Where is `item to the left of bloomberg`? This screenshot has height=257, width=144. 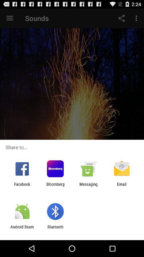 item to the left of bloomberg is located at coordinates (22, 186).